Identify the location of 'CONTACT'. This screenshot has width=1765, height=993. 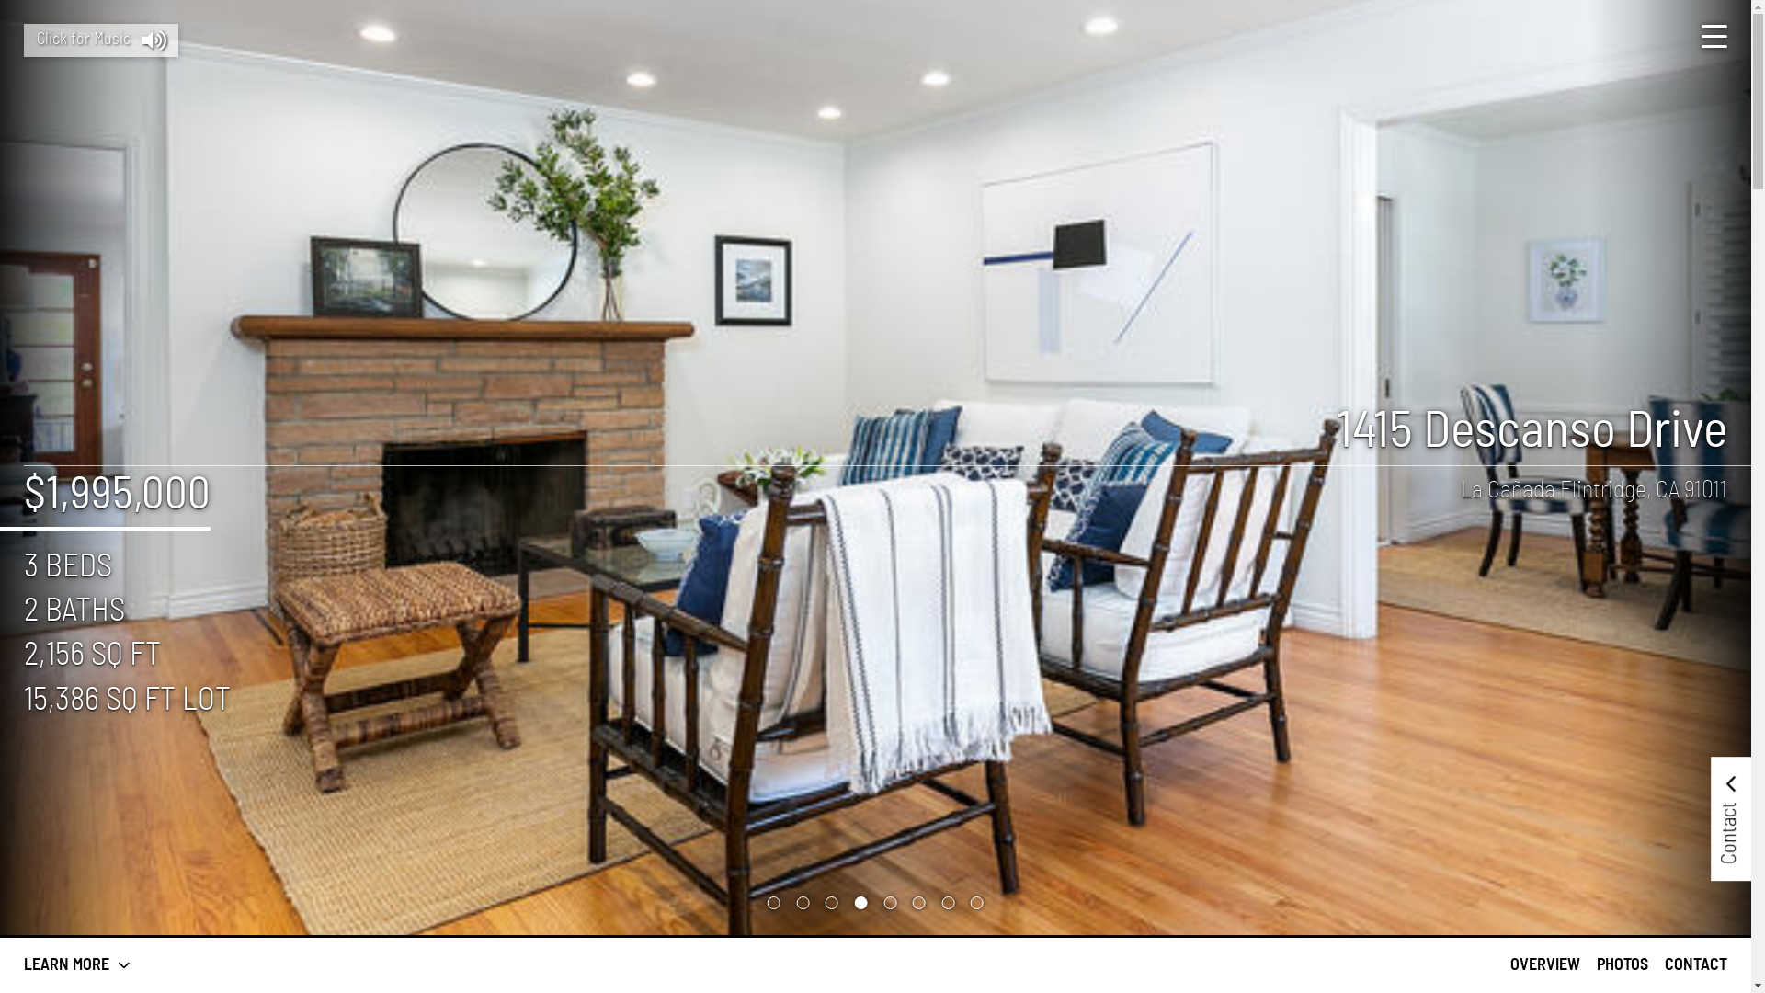
(1694, 964).